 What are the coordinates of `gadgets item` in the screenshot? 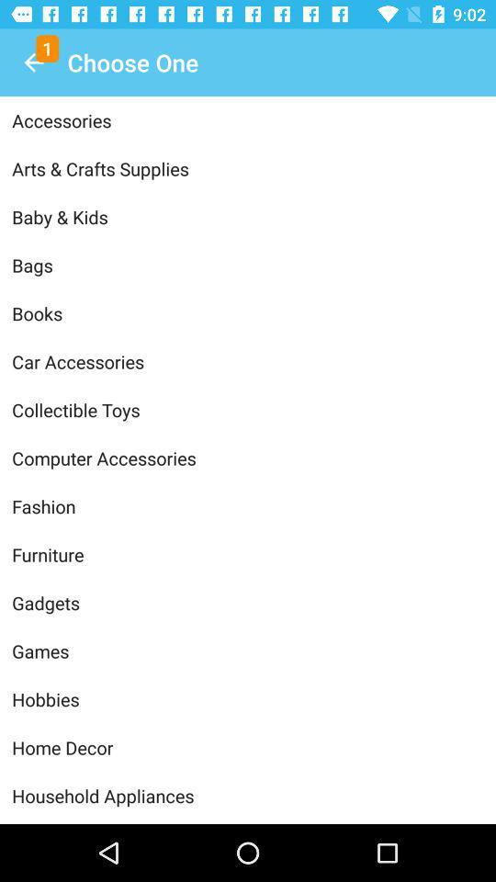 It's located at (248, 602).